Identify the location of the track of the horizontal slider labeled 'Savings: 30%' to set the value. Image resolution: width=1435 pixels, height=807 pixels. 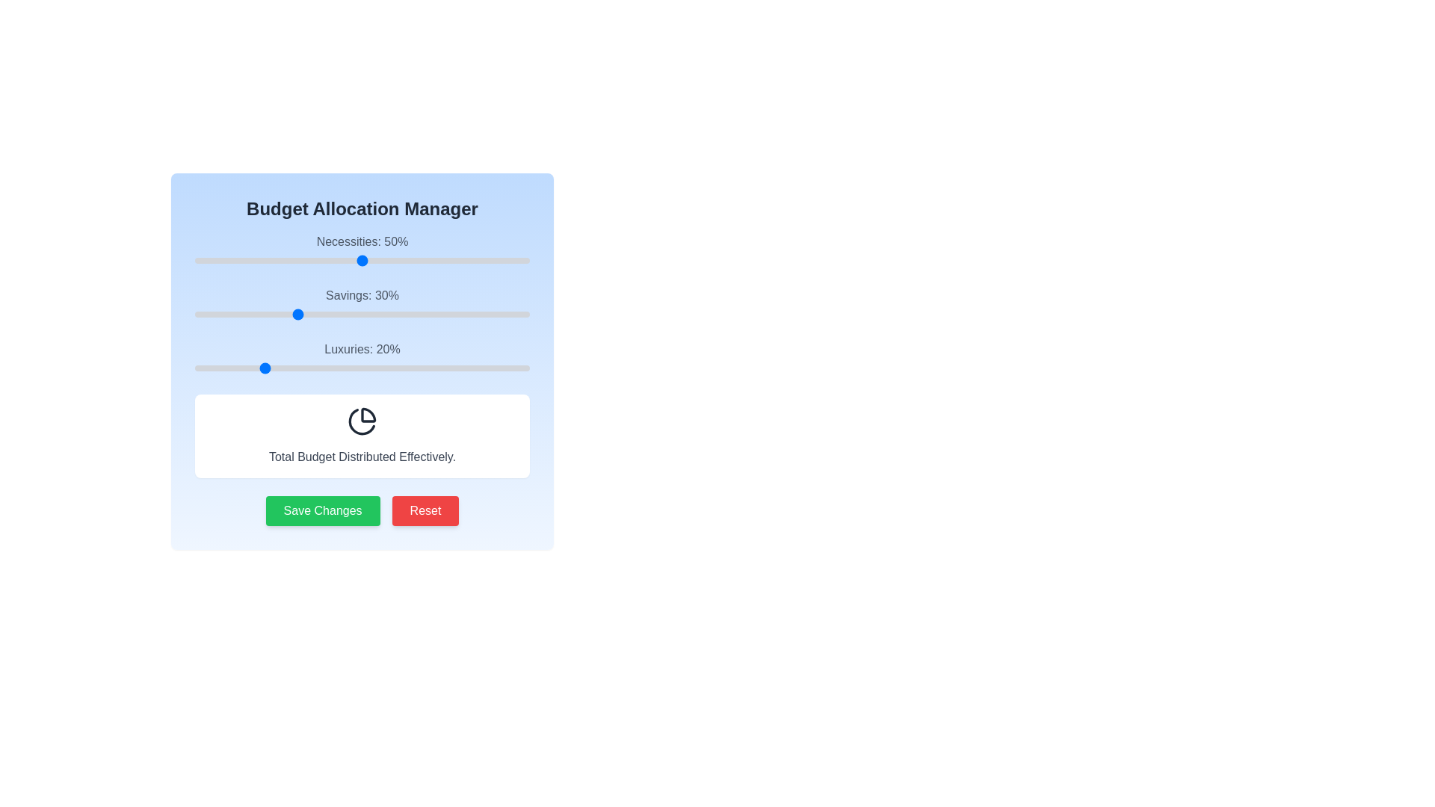
(362, 313).